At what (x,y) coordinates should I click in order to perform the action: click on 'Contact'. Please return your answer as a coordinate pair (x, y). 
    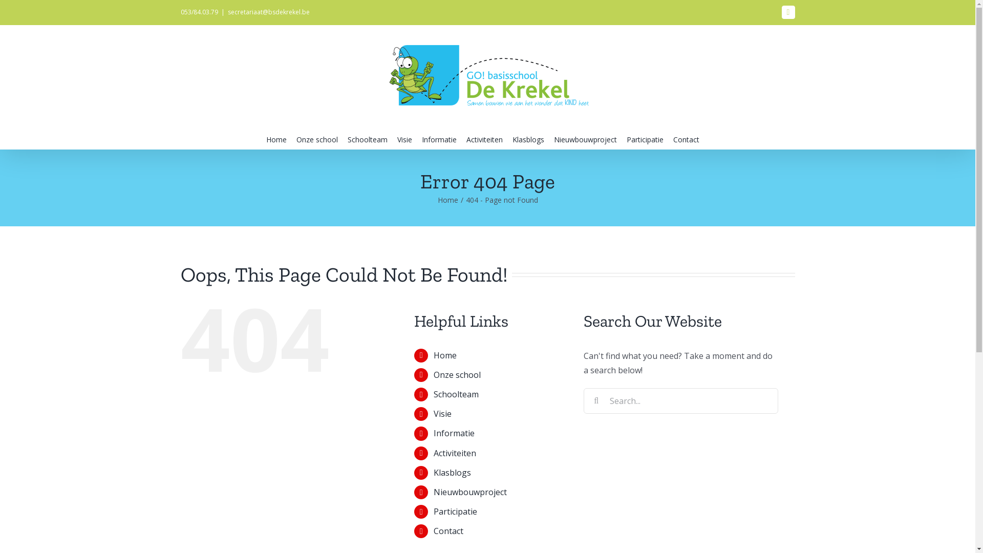
    Looking at the image, I should click on (686, 138).